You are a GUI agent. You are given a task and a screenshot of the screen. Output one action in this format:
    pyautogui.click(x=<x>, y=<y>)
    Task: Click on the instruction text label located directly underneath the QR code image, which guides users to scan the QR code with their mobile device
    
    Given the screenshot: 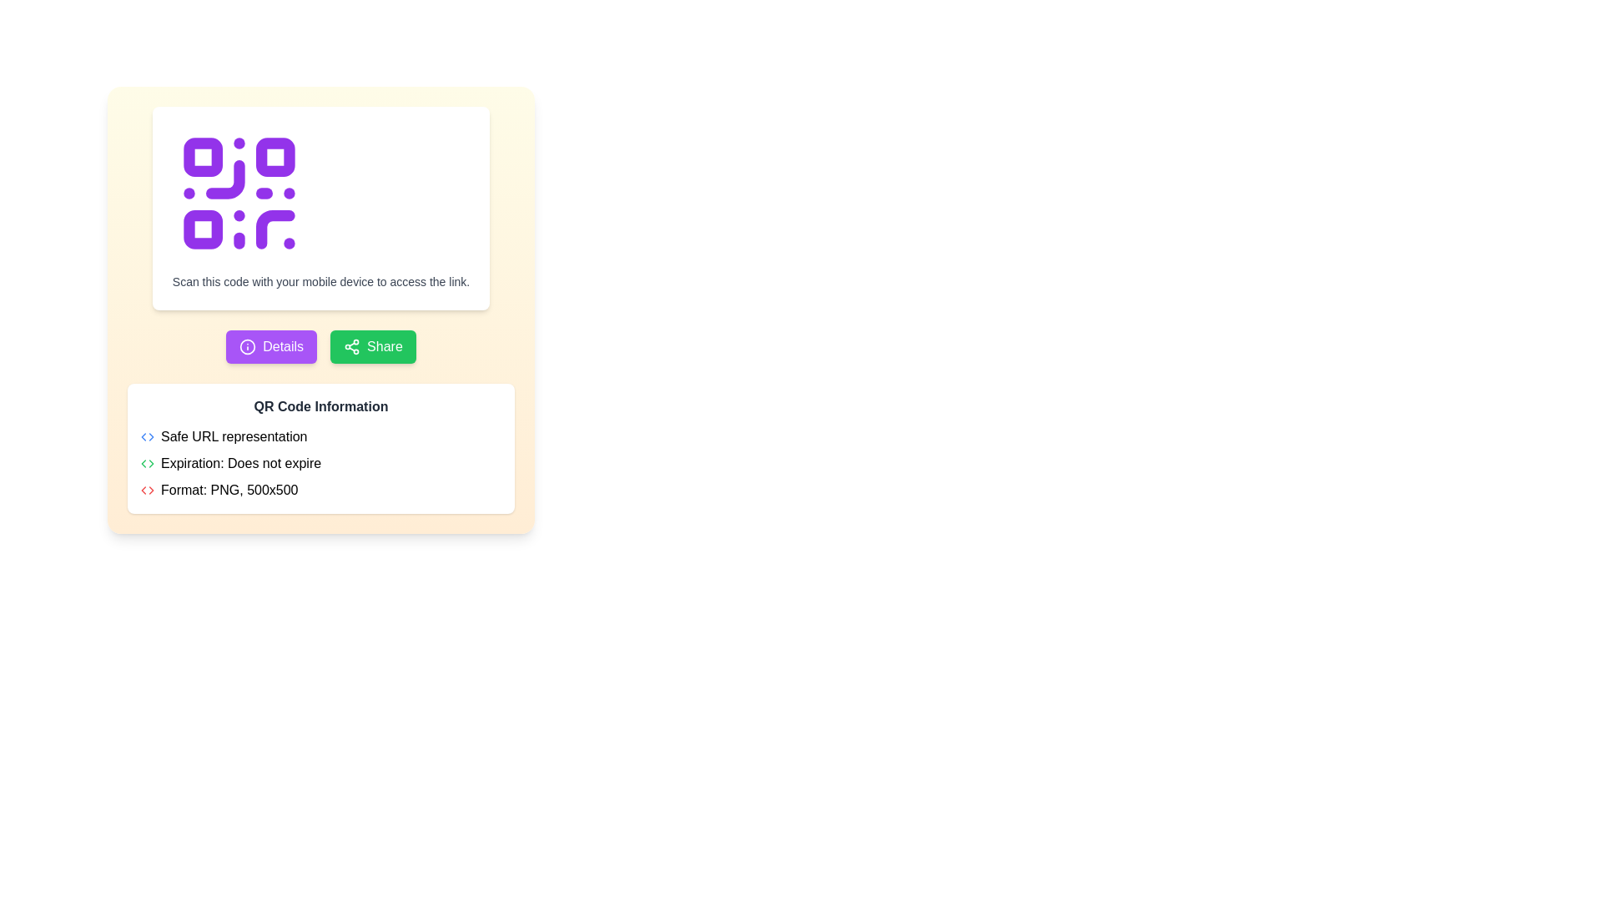 What is the action you would take?
    pyautogui.click(x=320, y=281)
    